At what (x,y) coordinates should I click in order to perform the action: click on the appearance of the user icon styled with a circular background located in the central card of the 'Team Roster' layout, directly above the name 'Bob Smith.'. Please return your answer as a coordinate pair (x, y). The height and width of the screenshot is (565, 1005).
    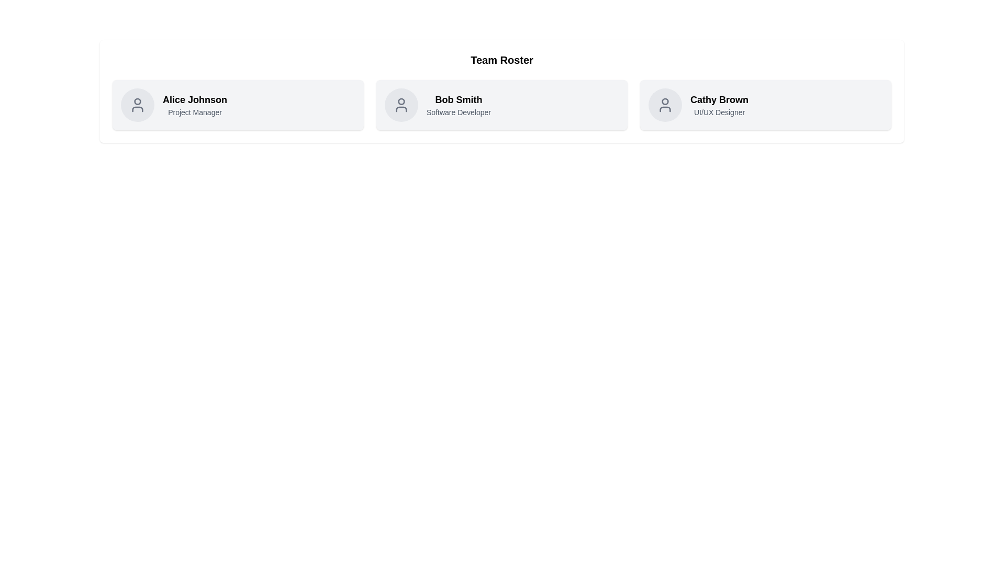
    Looking at the image, I should click on (401, 105).